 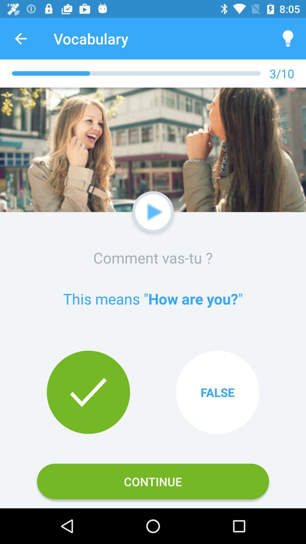 I want to click on the item next to the vocabulary item, so click(x=20, y=38).